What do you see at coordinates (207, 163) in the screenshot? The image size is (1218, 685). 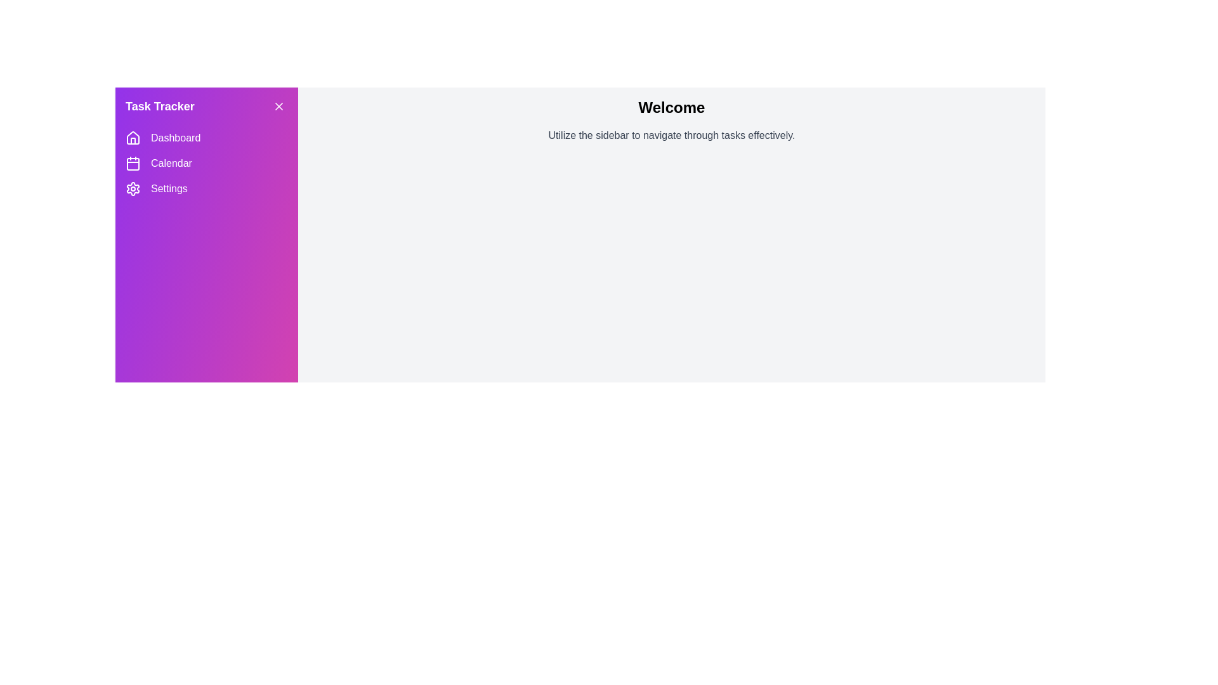 I see `the menu item Calendar in the sidebar` at bounding box center [207, 163].